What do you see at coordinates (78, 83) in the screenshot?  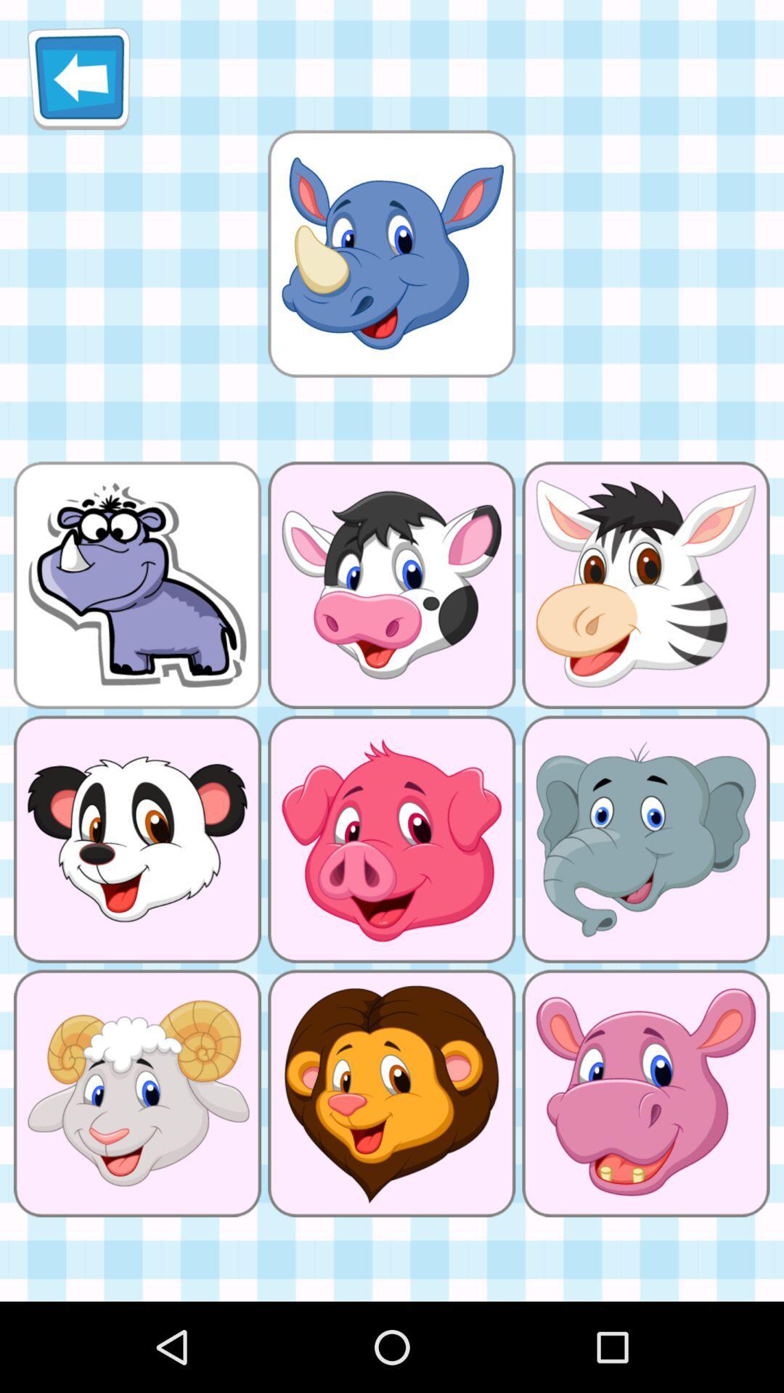 I see `the arrow_backward icon` at bounding box center [78, 83].